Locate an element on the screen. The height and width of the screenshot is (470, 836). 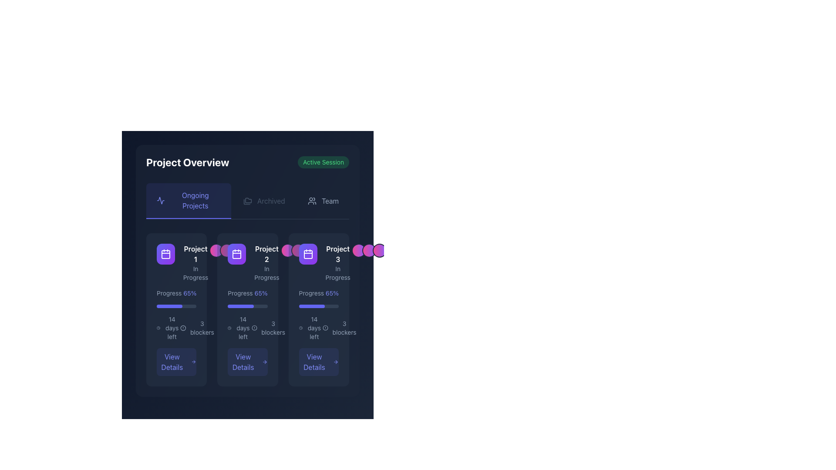
text information about the remaining days for a task or project and the number of blockers displayed in the bottom region of the first card in the middle row of cards is located at coordinates (176, 328).